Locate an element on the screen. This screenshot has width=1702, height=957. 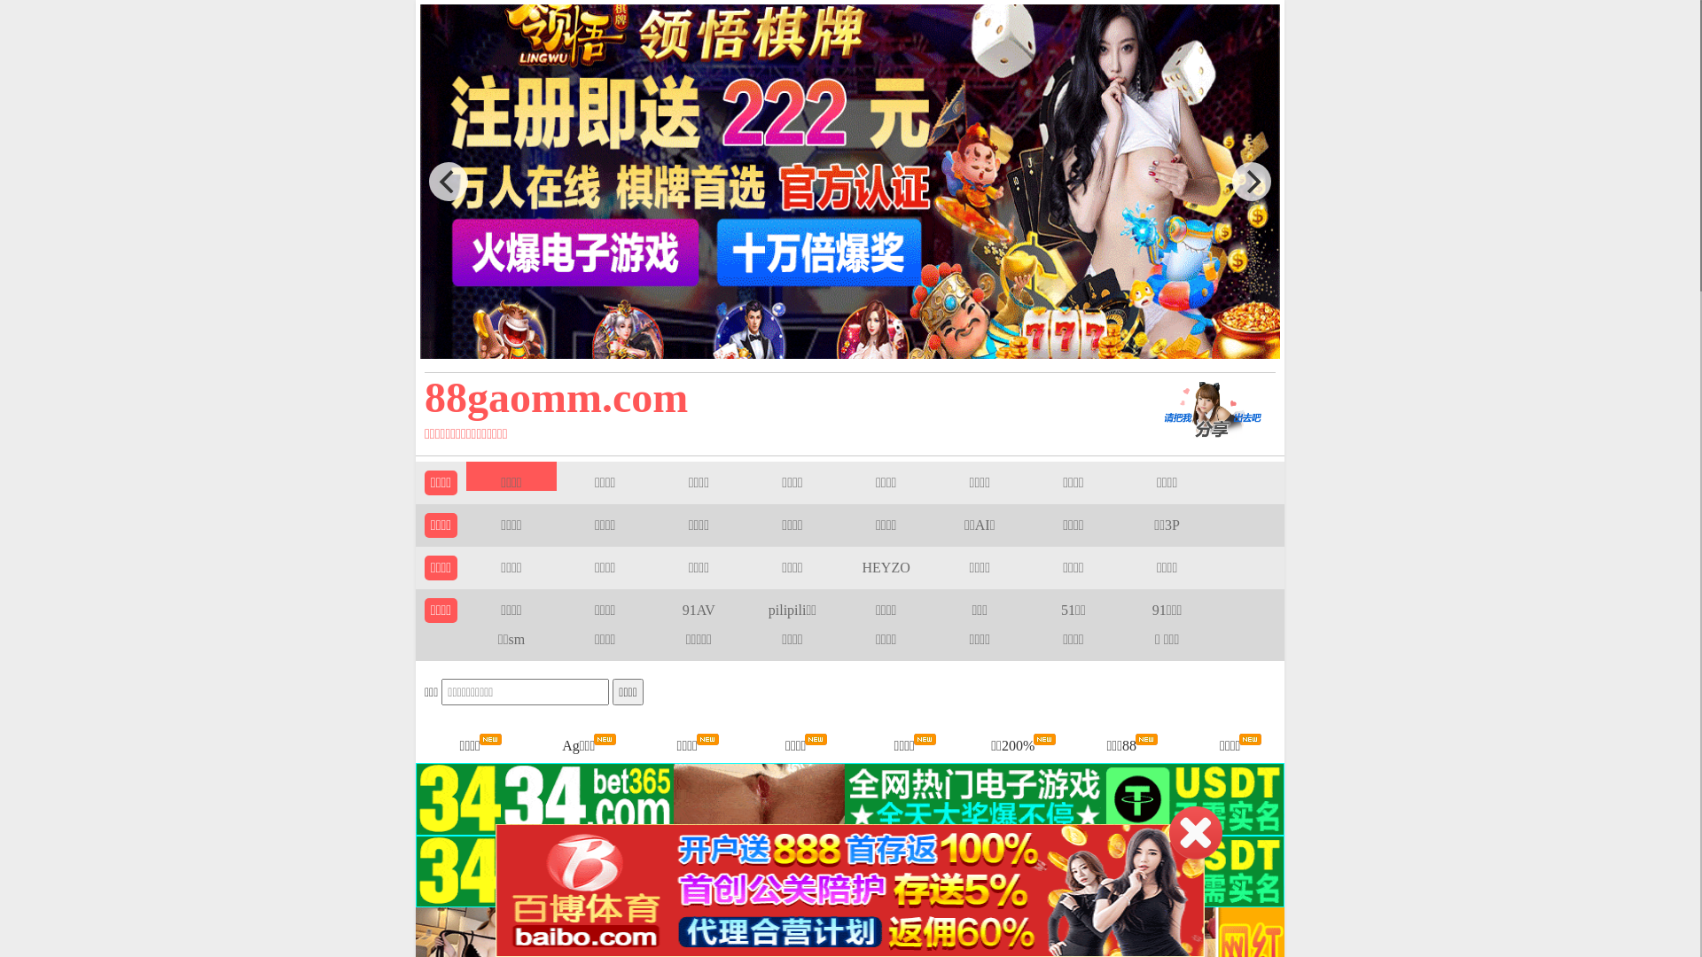
'91AV' is located at coordinates (698, 609).